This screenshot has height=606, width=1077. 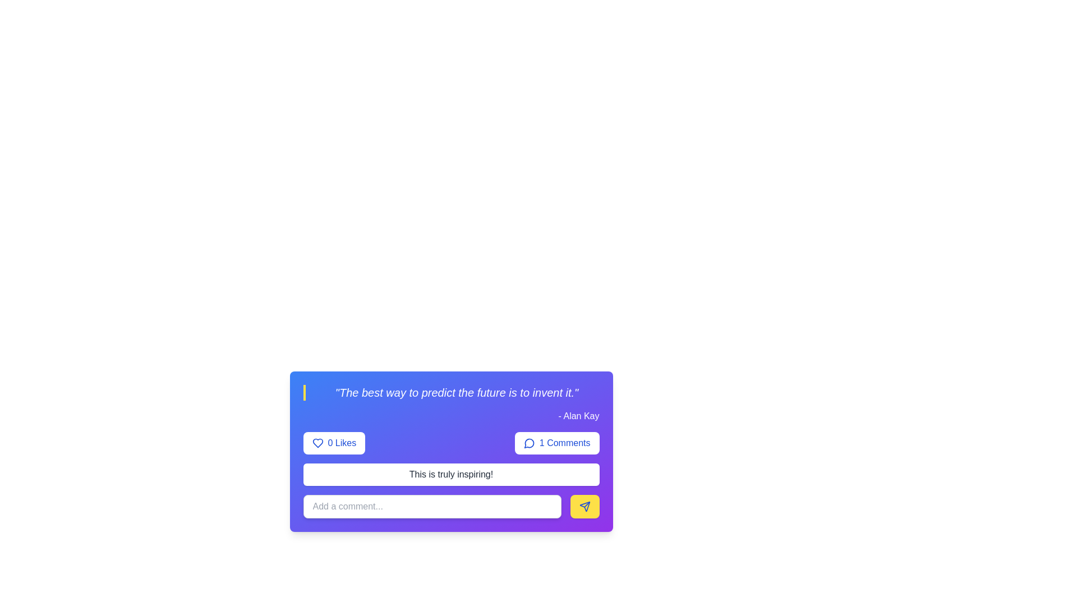 I want to click on the send icon located within the yellow circular button at the bottom-right corner of the purple card to confirm or send the user input, so click(x=584, y=506).